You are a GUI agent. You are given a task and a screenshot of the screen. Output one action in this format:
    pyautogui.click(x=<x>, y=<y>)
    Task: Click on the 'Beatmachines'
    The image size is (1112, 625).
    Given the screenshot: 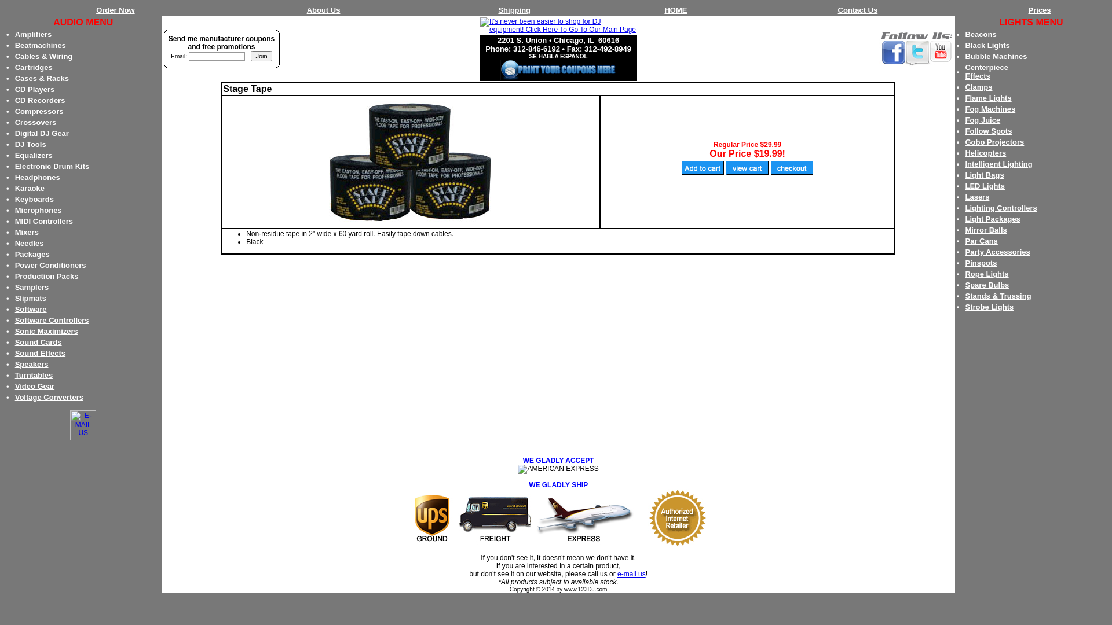 What is the action you would take?
    pyautogui.click(x=14, y=45)
    